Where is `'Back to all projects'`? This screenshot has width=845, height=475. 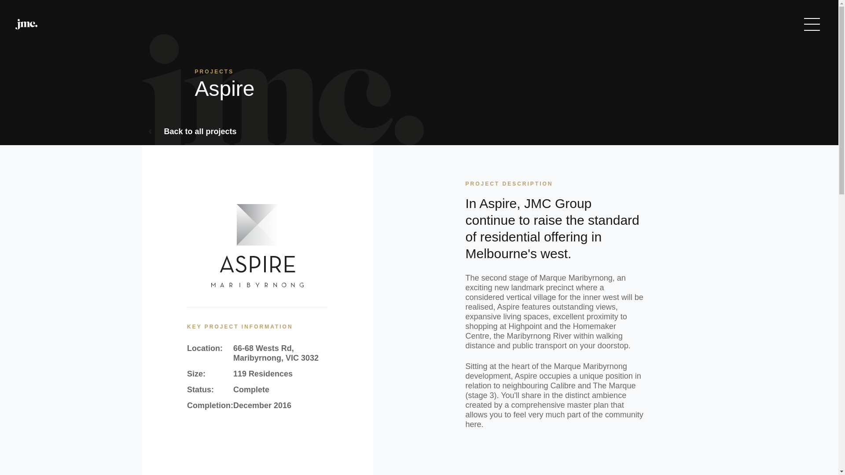
'Back to all projects' is located at coordinates (148, 132).